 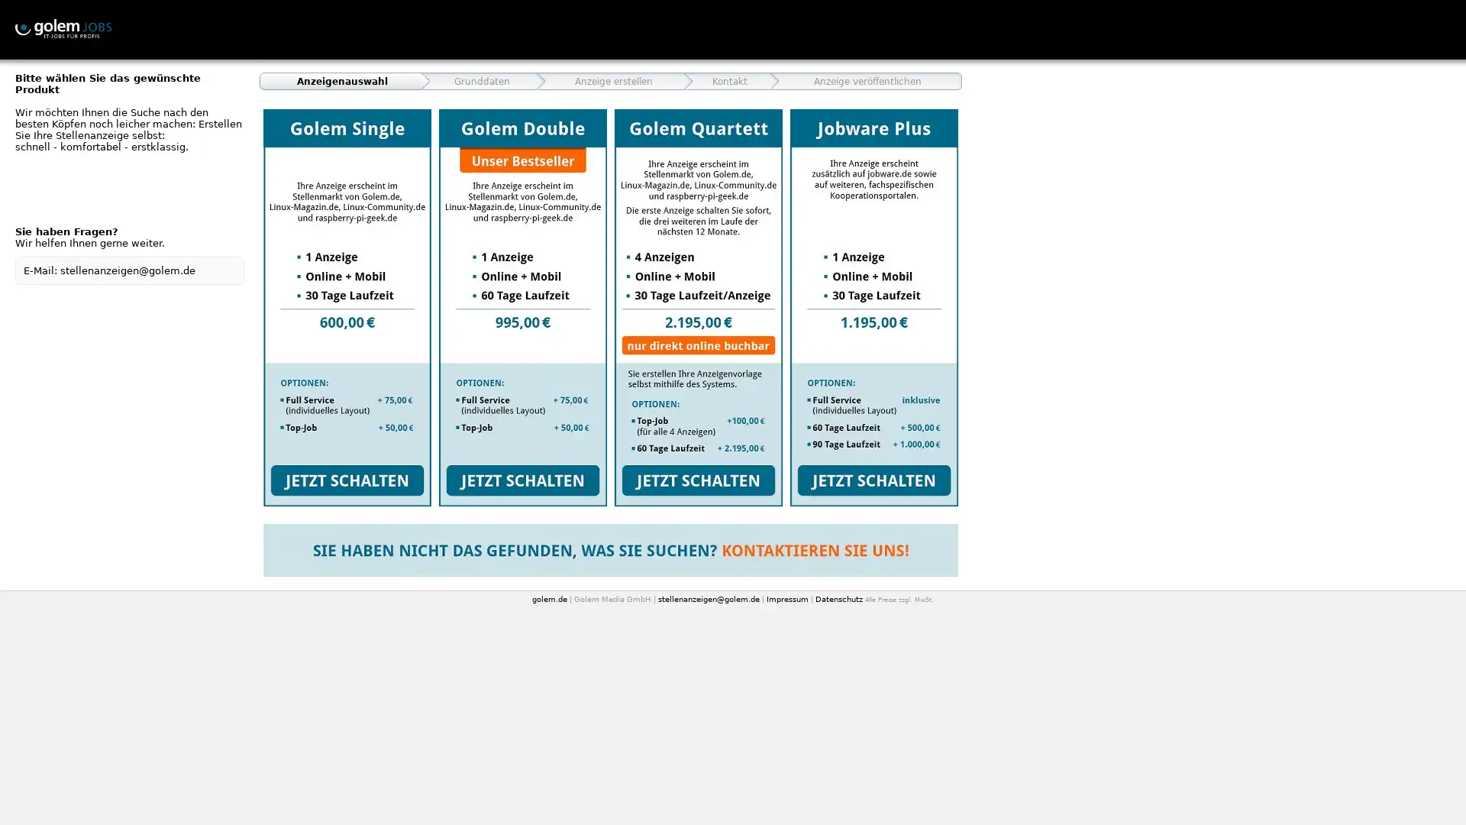 I want to click on Submit, so click(x=347, y=307).